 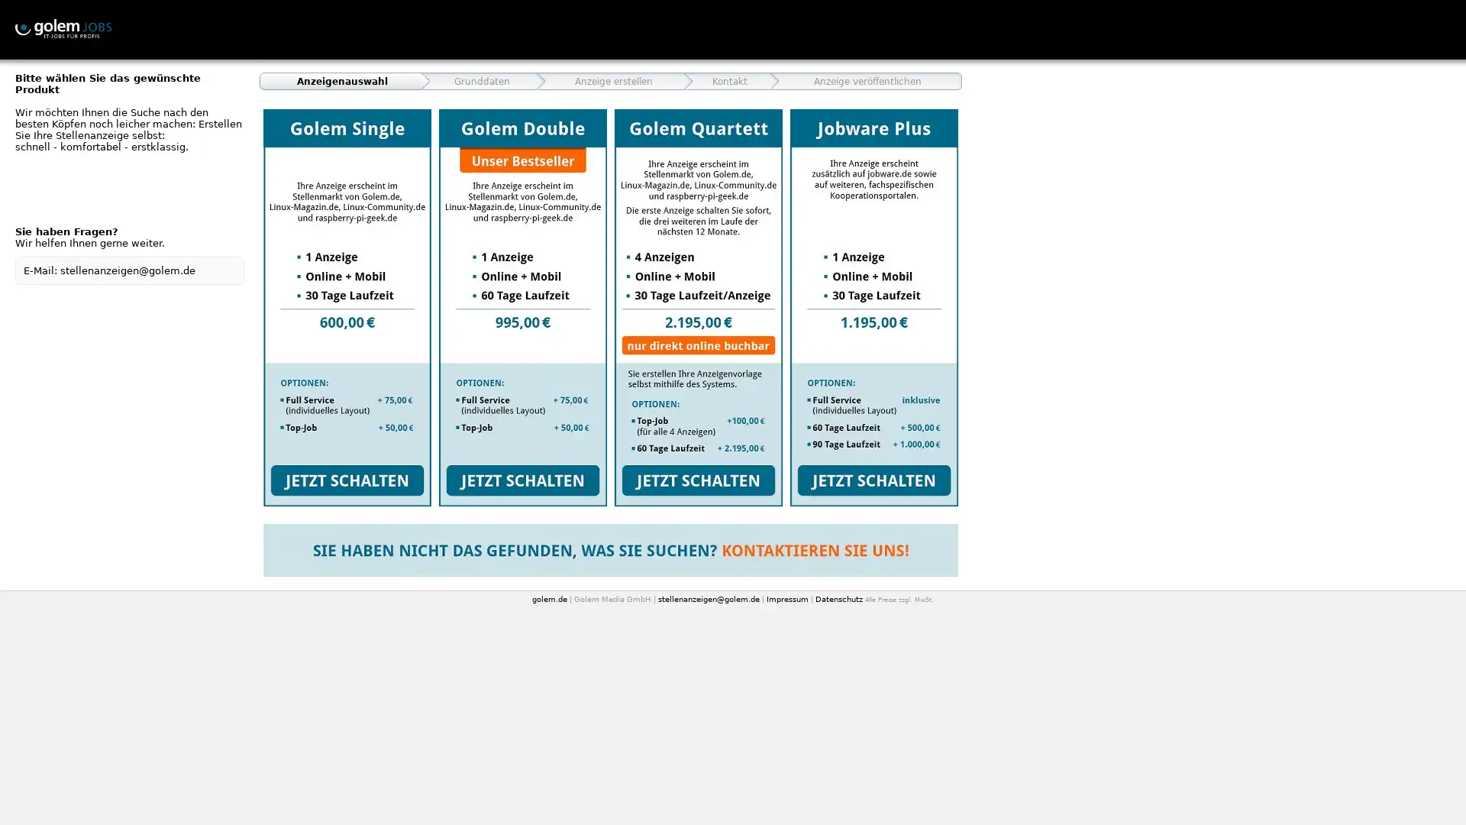 I want to click on Submit, so click(x=347, y=307).